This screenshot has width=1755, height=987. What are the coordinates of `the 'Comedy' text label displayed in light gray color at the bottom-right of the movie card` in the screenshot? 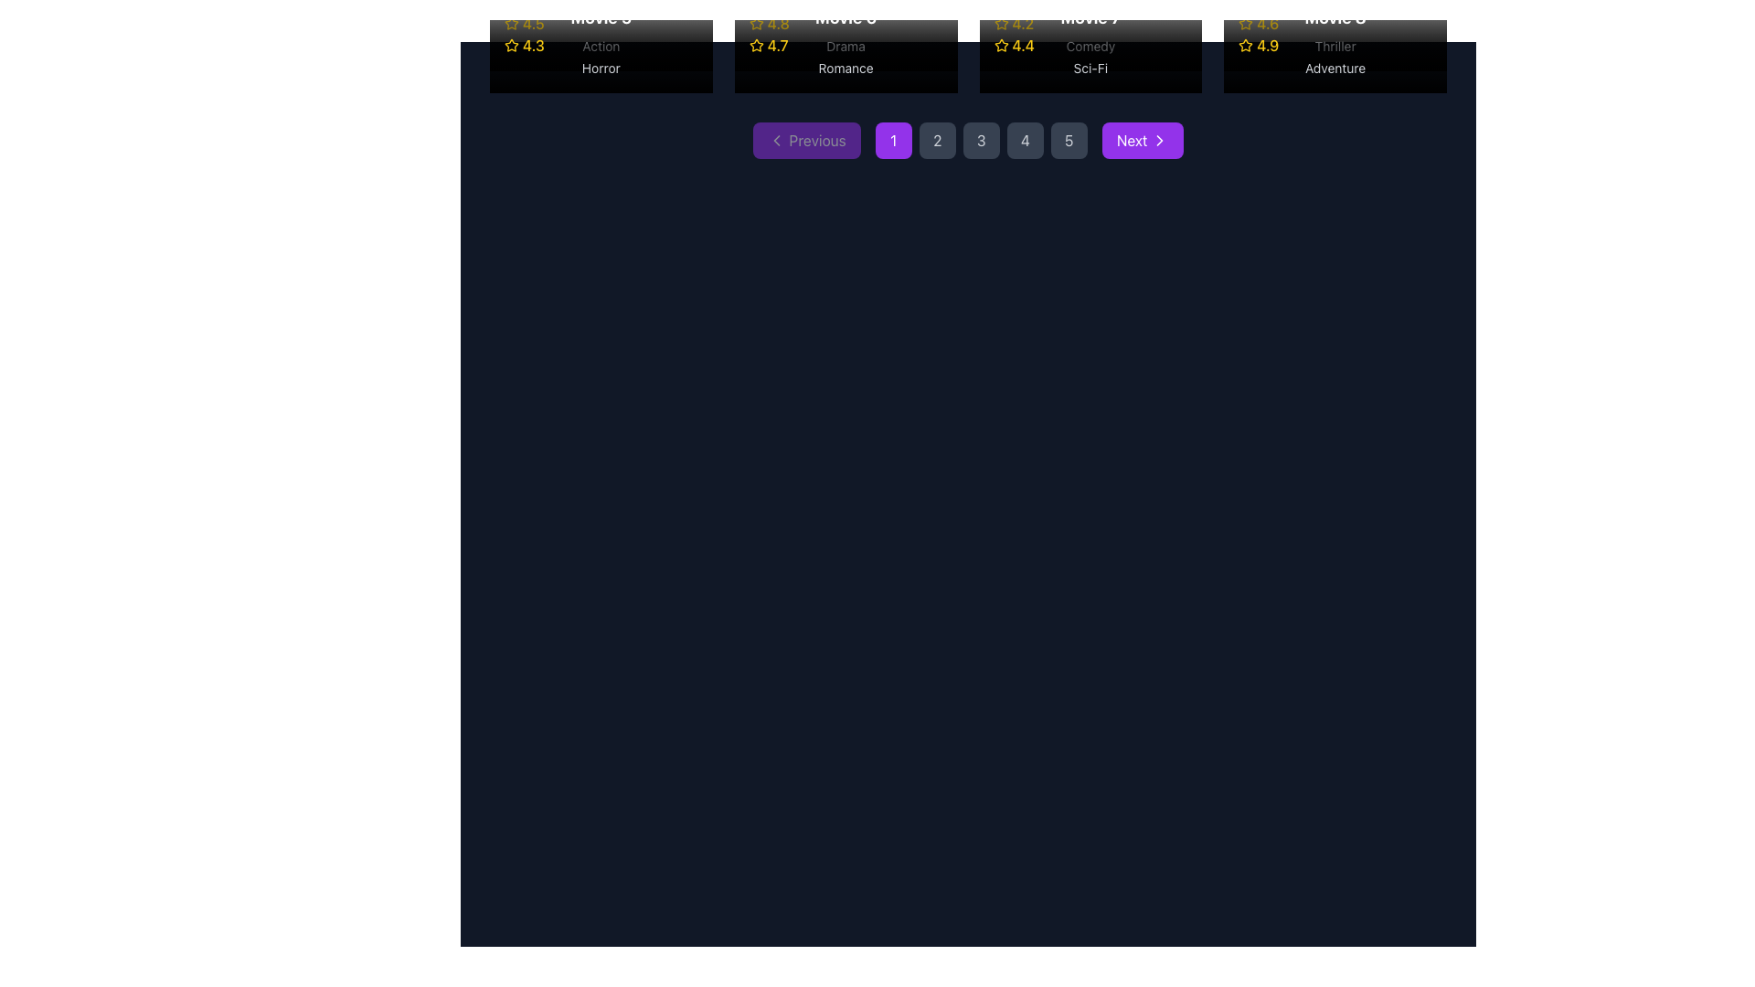 It's located at (1090, 45).